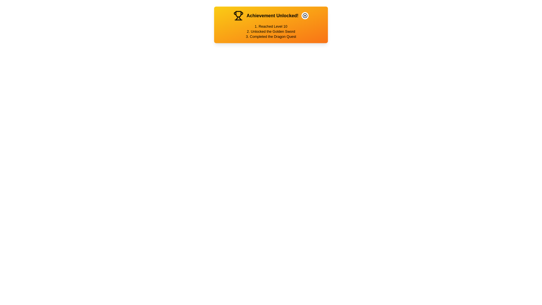 The width and height of the screenshot is (542, 305). What do you see at coordinates (238, 15) in the screenshot?
I see `the trophy icon to observe any effects` at bounding box center [238, 15].